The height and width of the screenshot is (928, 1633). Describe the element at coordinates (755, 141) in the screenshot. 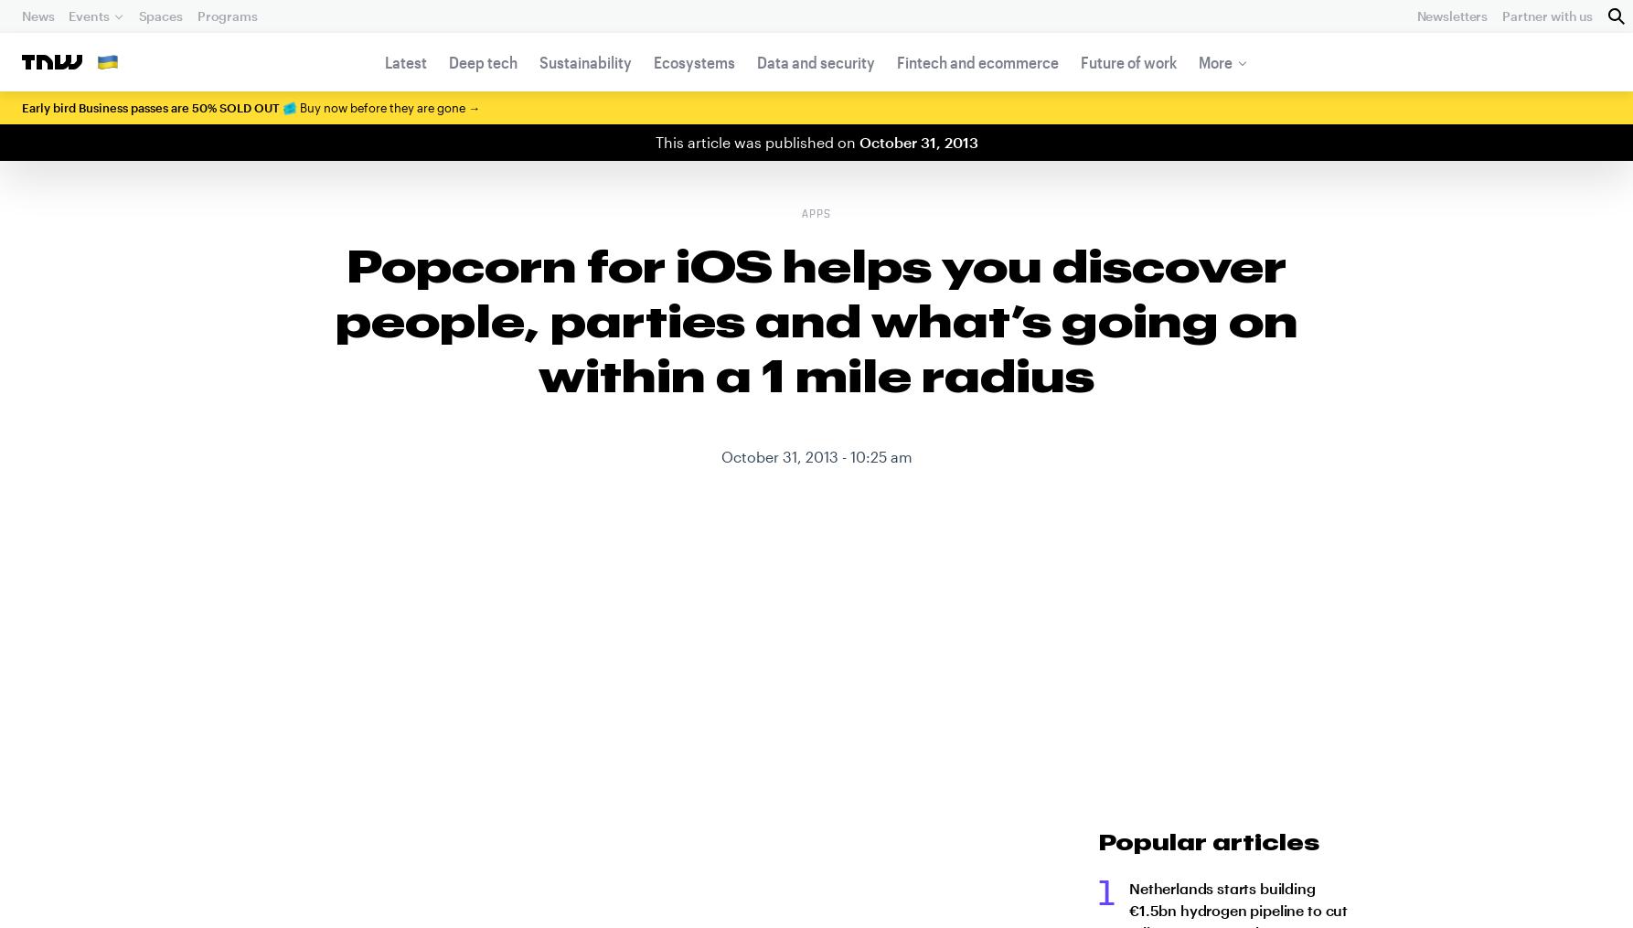

I see `'This article was published on'` at that location.